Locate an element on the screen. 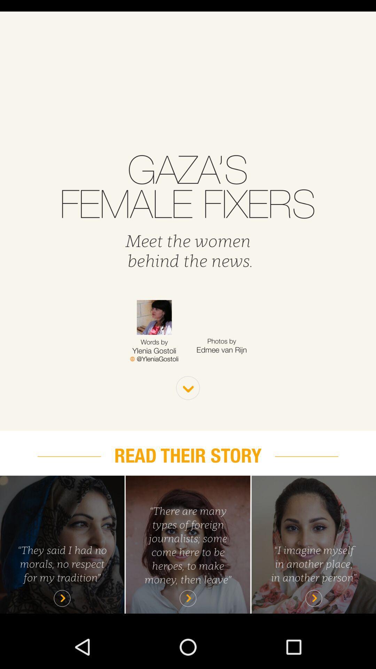  visit author 's social media is located at coordinates (154, 359).